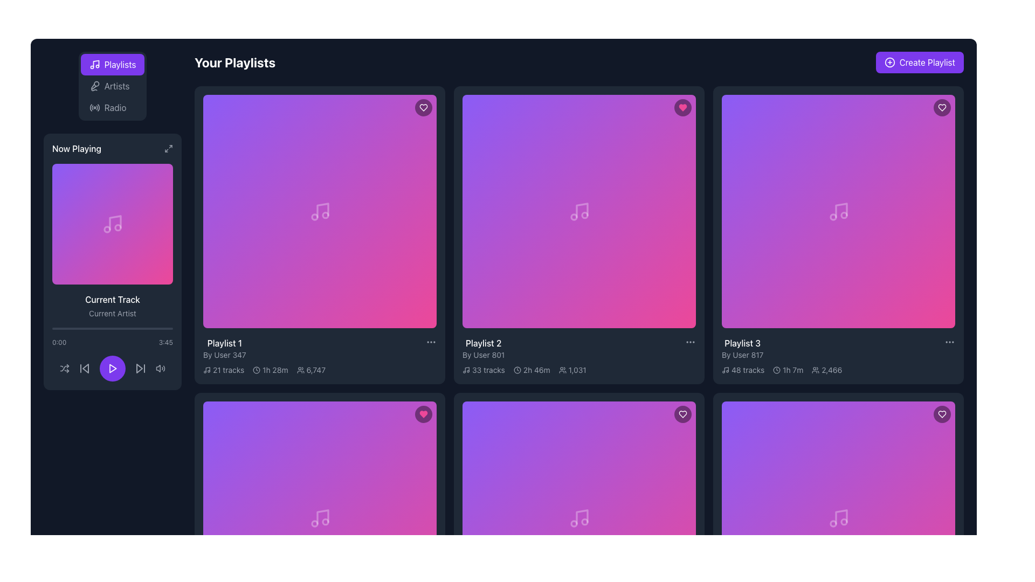  What do you see at coordinates (747, 369) in the screenshot?
I see `the text label displaying '48 tracks' located at the bottom-right corner under the 'Playlist 3' description box, which is part of a grouped section` at bounding box center [747, 369].